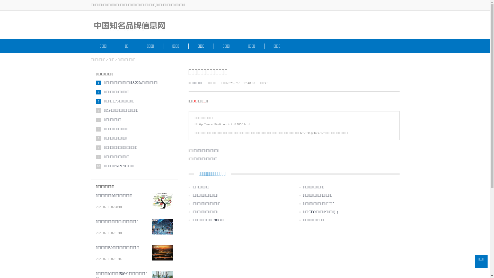 This screenshot has height=278, width=494. I want to click on '2020-07-15 07:15:02', so click(121, 259).